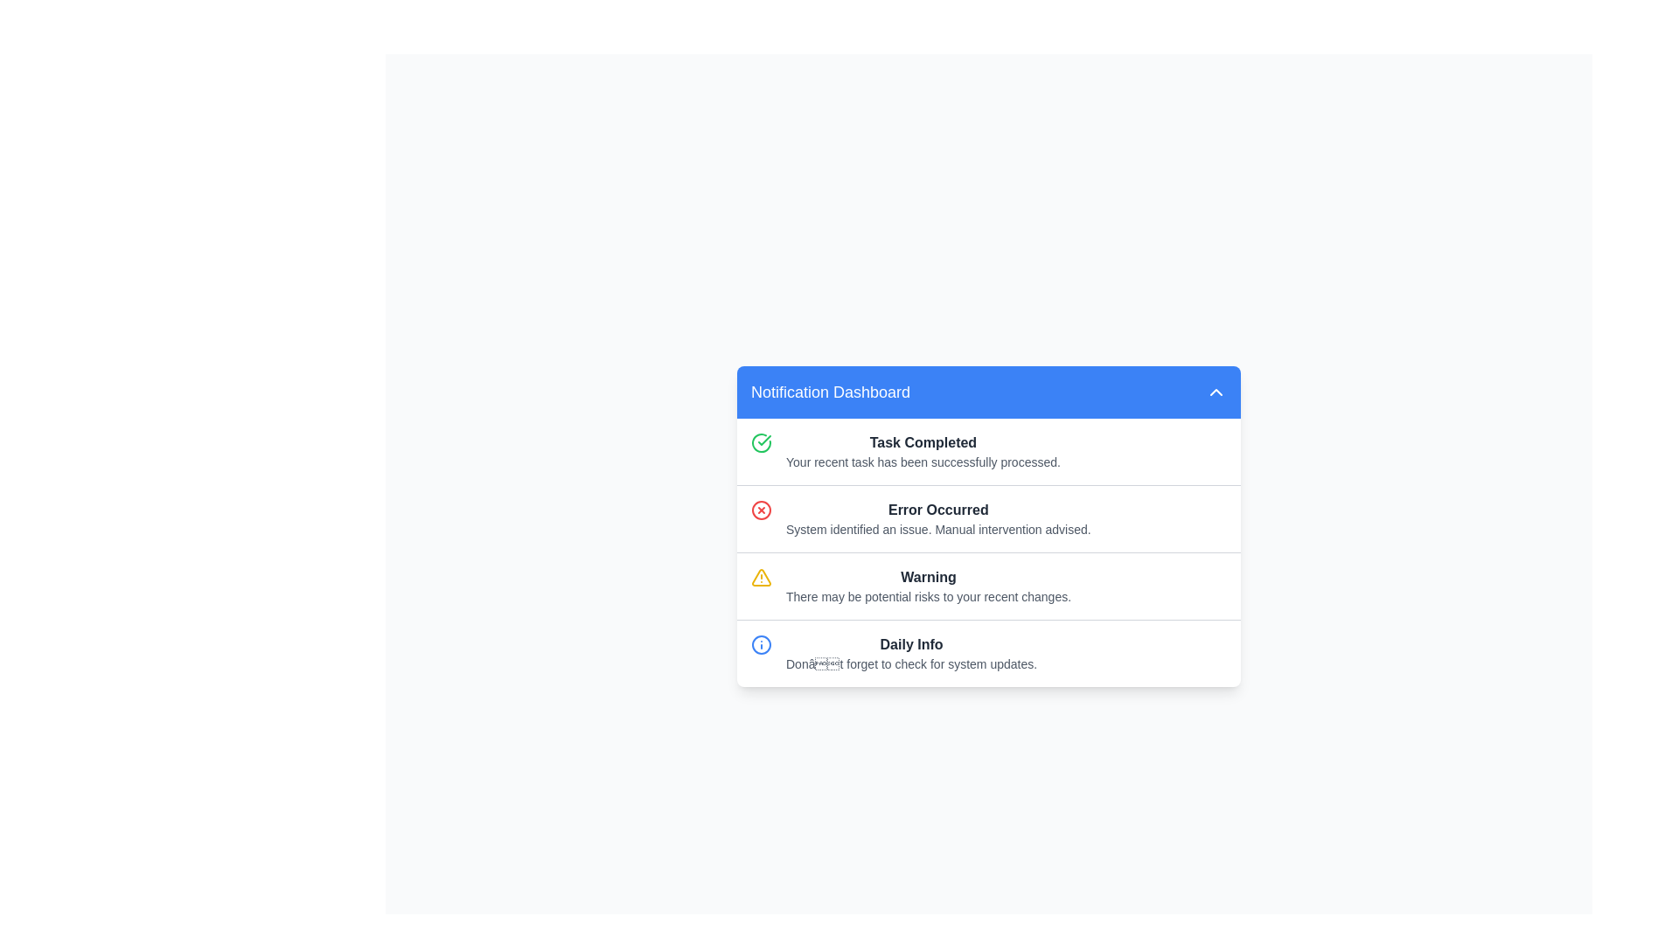 The height and width of the screenshot is (944, 1679). I want to click on text segment displaying 'Your recent task has been successfully processed.' located below the 'Task Completed' header in the Notification Dashboard, so click(923, 461).